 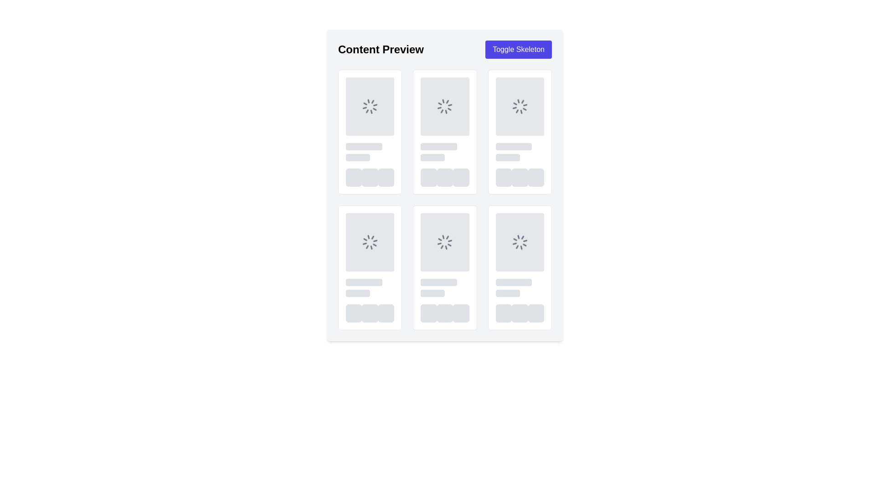 What do you see at coordinates (353, 313) in the screenshot?
I see `the Placeholder element, which is the leftmost component in a set of three horizontally aligned elements, serving as a visual loading indicator` at bounding box center [353, 313].